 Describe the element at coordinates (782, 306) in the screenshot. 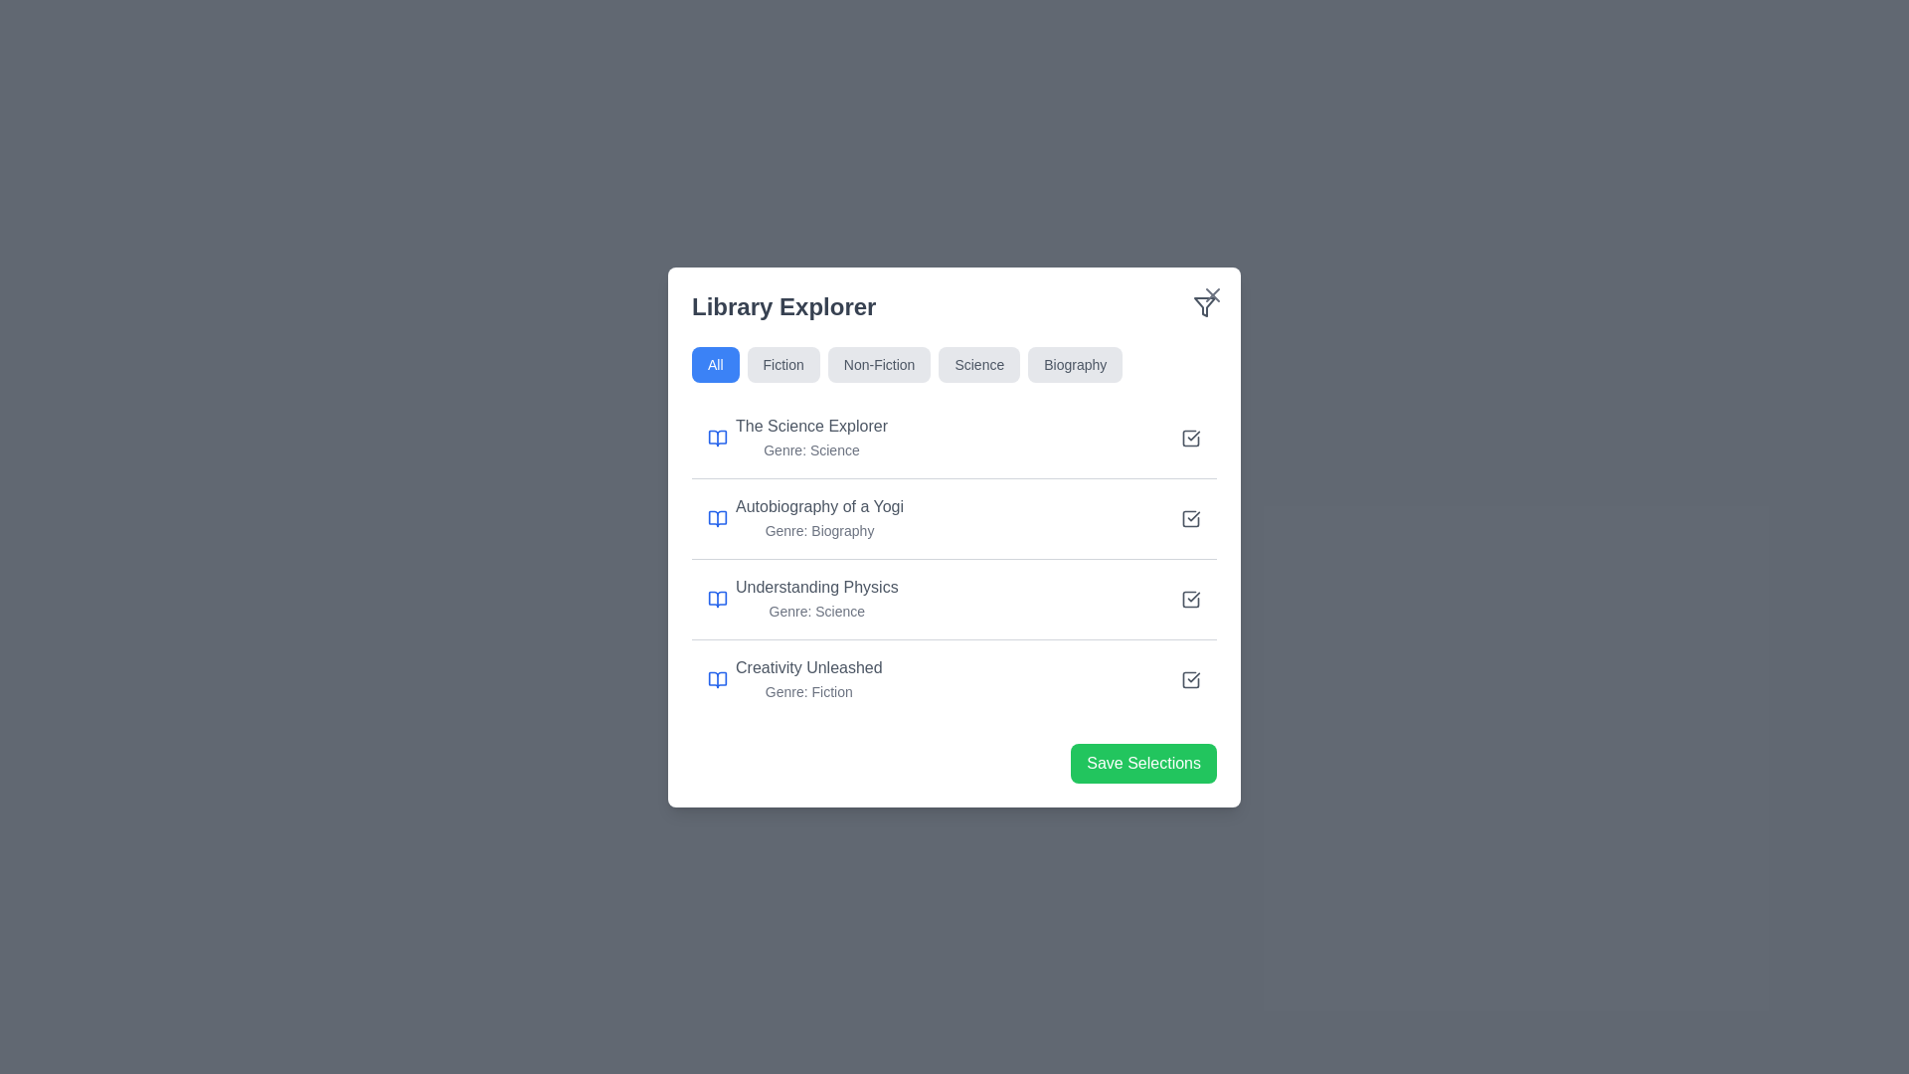

I see `the 'Library Explorer' text label, which is displayed in a bold, large font and is located at the top-left corner of a white card-like component` at that location.